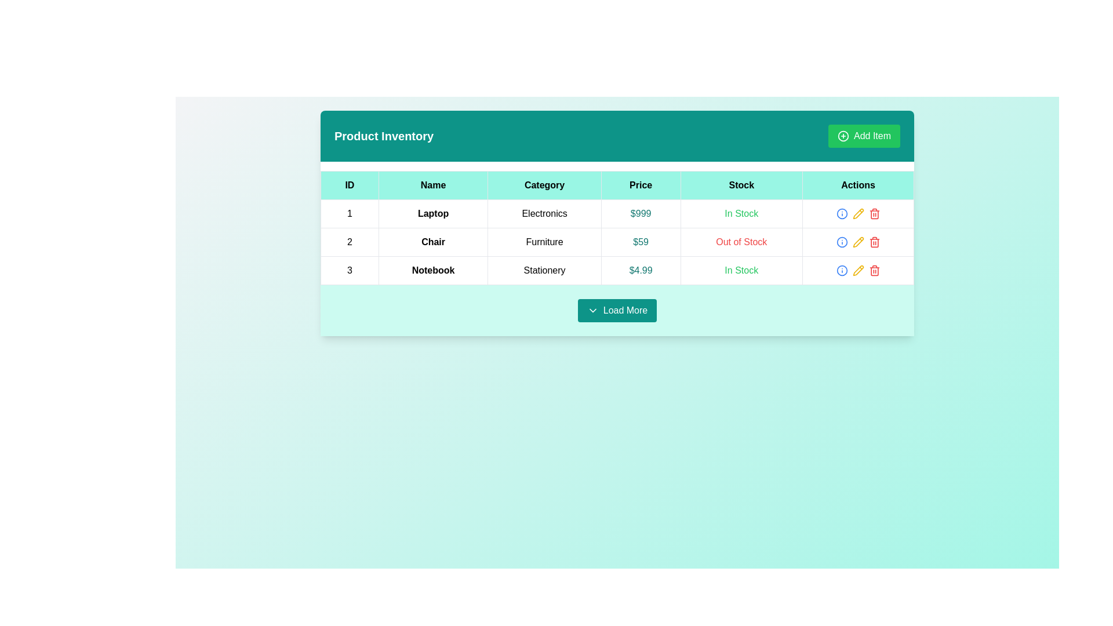  I want to click on the first row in the product inventory table that displays the laptop details, including ID '1', name 'Laptop', category 'Electronics', price '$999', and stock status 'In Stock', so click(617, 214).